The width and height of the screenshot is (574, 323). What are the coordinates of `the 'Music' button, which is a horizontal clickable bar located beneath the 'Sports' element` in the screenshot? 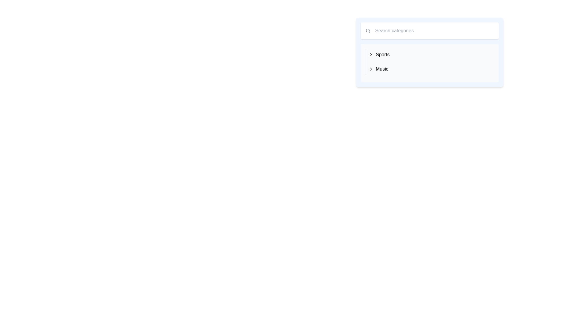 It's located at (378, 69).